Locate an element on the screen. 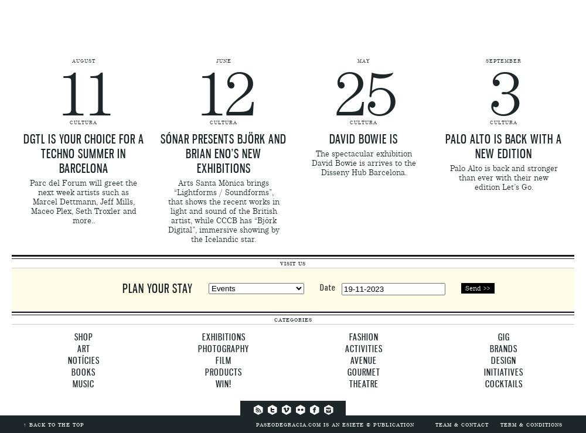  'Brands' is located at coordinates (503, 348).